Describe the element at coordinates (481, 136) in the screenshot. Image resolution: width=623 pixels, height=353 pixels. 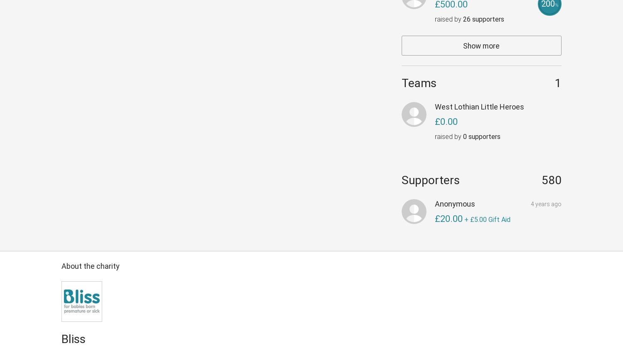
I see `'0 supporters'` at that location.